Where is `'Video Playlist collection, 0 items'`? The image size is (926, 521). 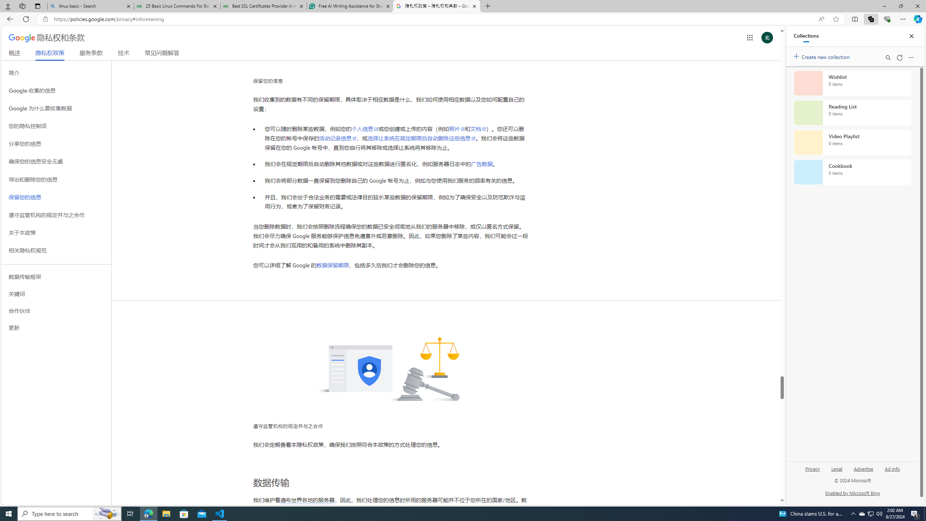
'Video Playlist collection, 0 items' is located at coordinates (852, 142).